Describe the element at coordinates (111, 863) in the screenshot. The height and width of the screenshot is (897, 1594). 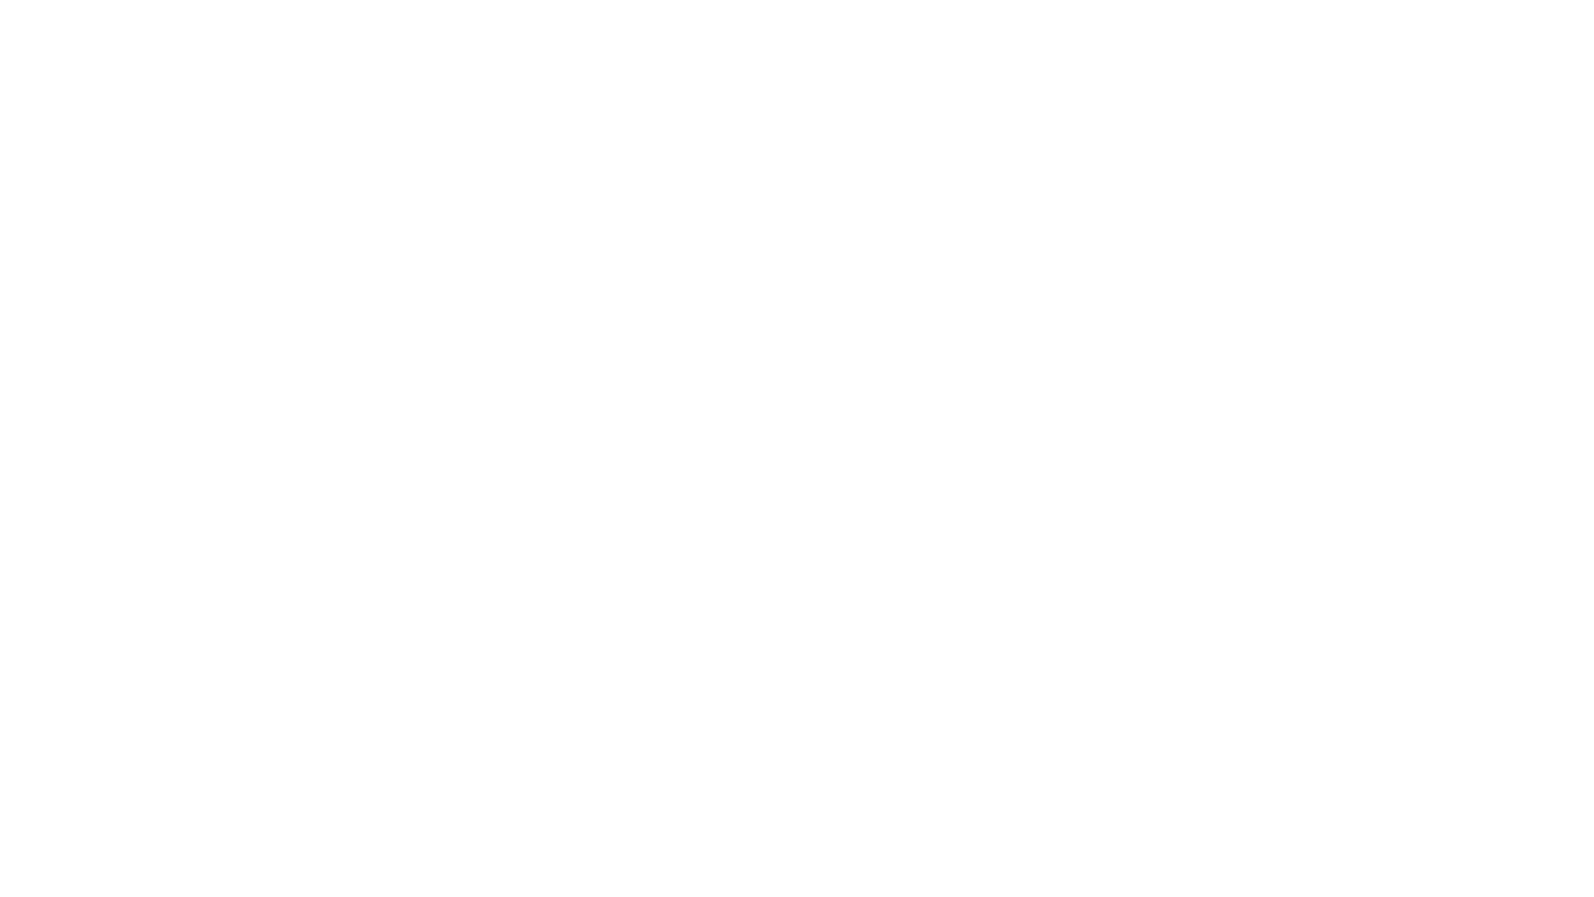
I see `Next` at that location.